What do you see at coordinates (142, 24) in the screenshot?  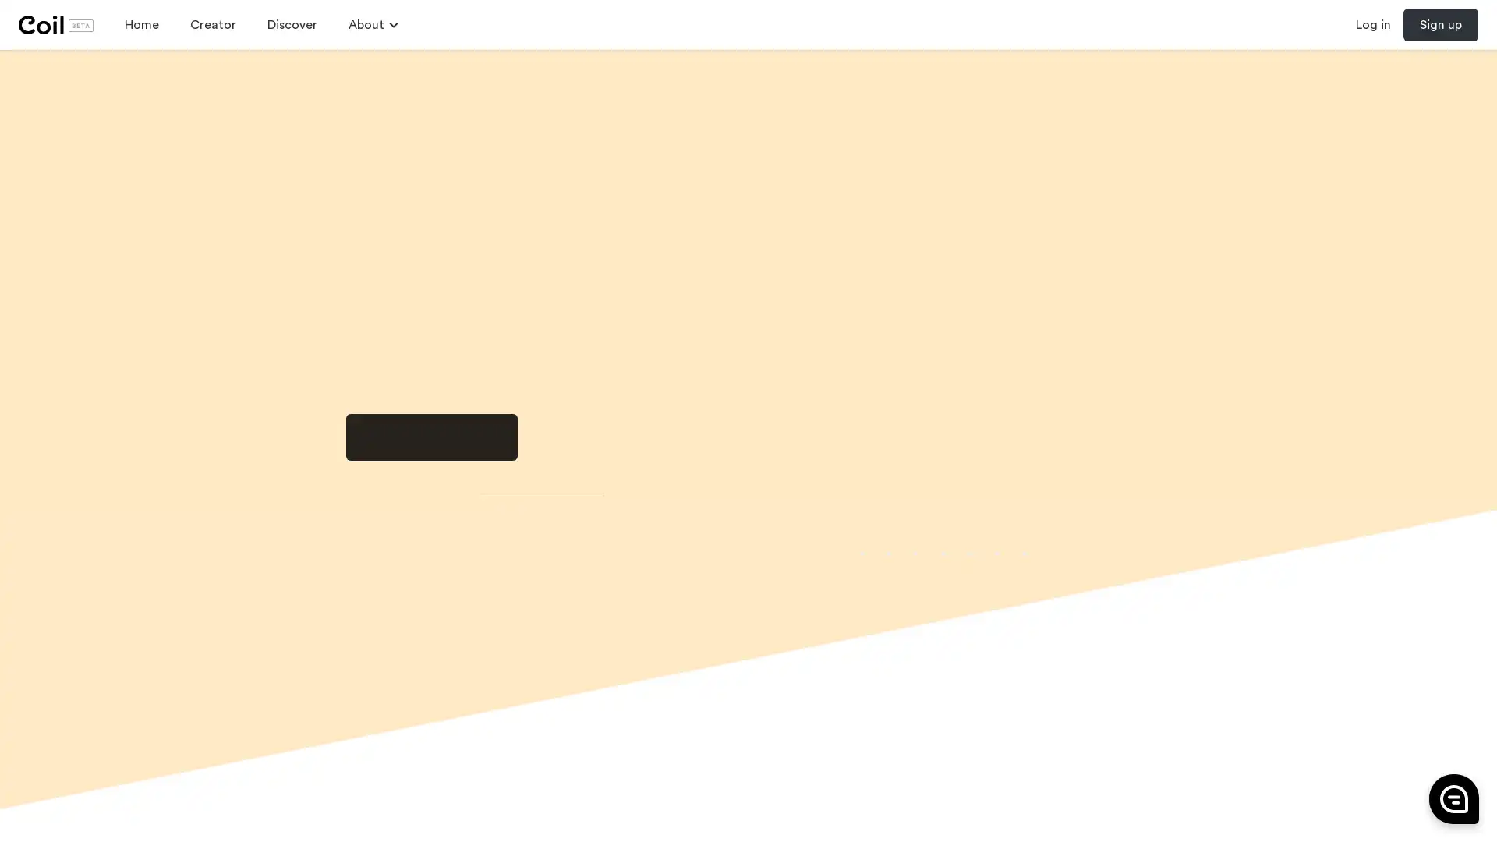 I see `Home` at bounding box center [142, 24].